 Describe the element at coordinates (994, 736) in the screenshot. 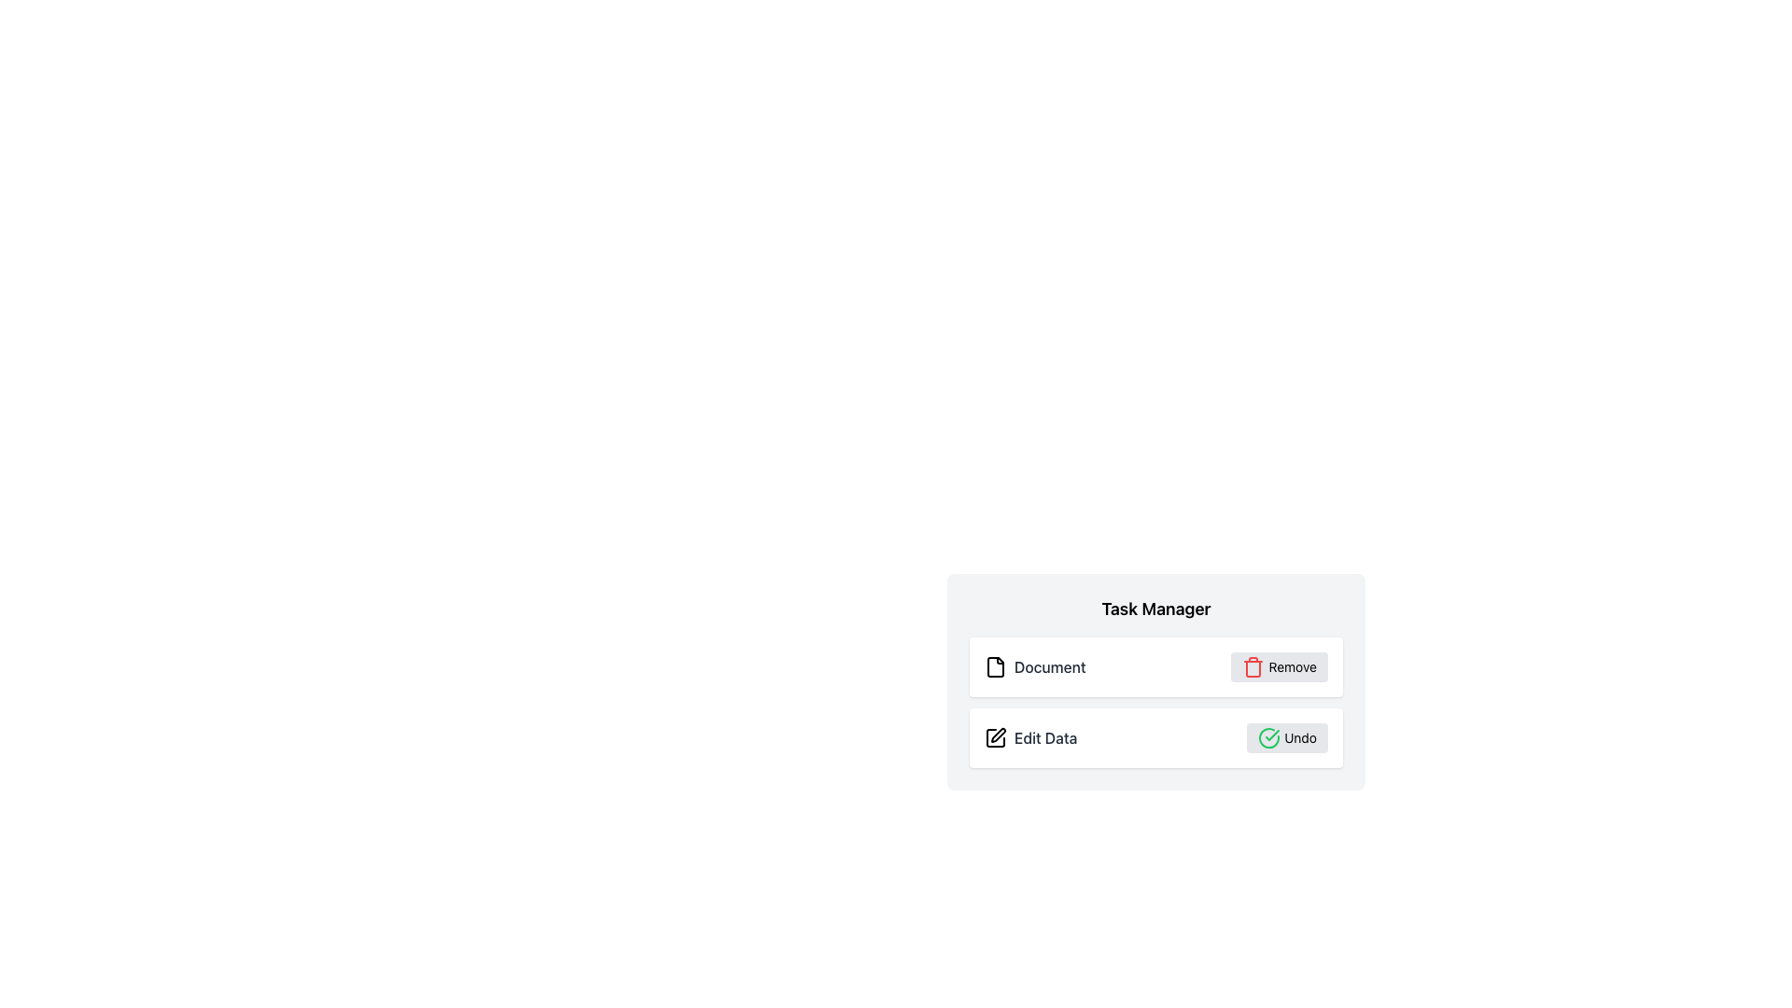

I see `the square-shaped icon with a pen symbol inside, located to the left of the 'Edit Data' label in the 'Task Manager' section` at that location.